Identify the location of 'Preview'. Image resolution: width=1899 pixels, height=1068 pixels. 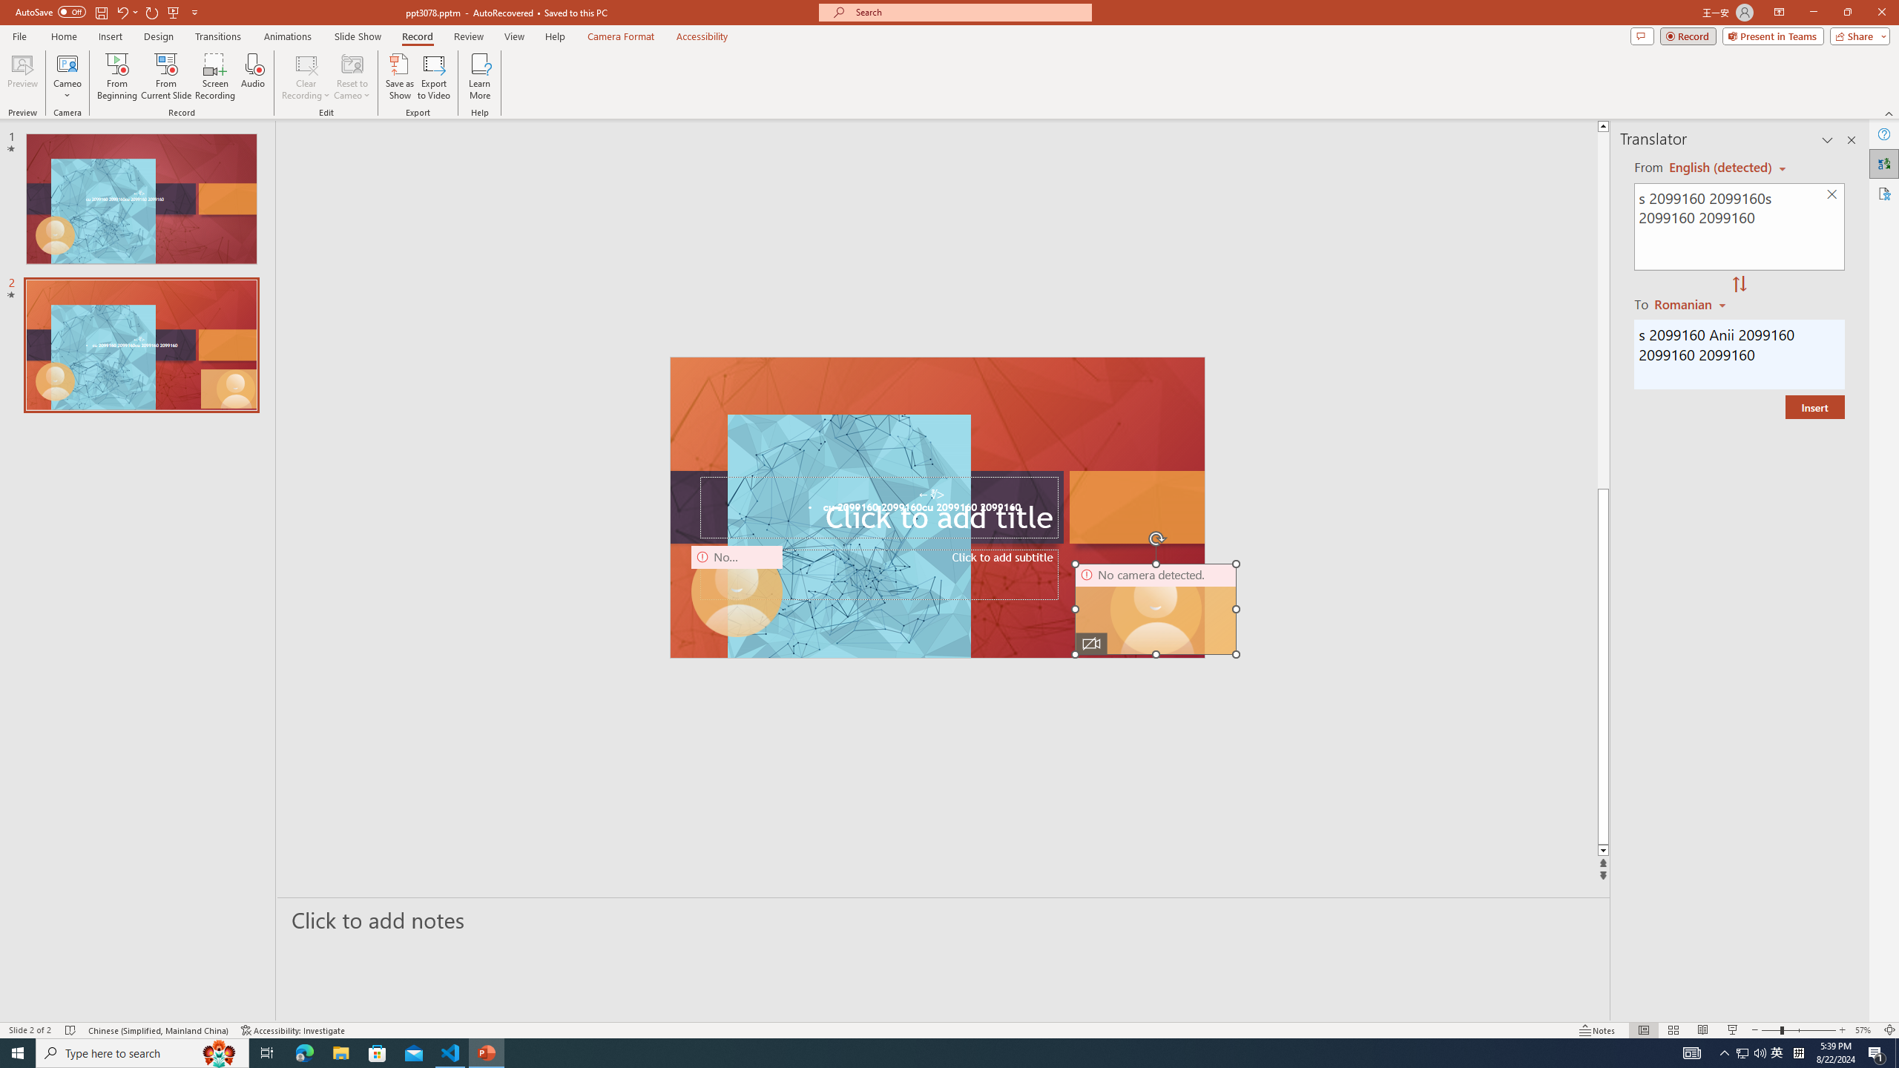
(22, 76).